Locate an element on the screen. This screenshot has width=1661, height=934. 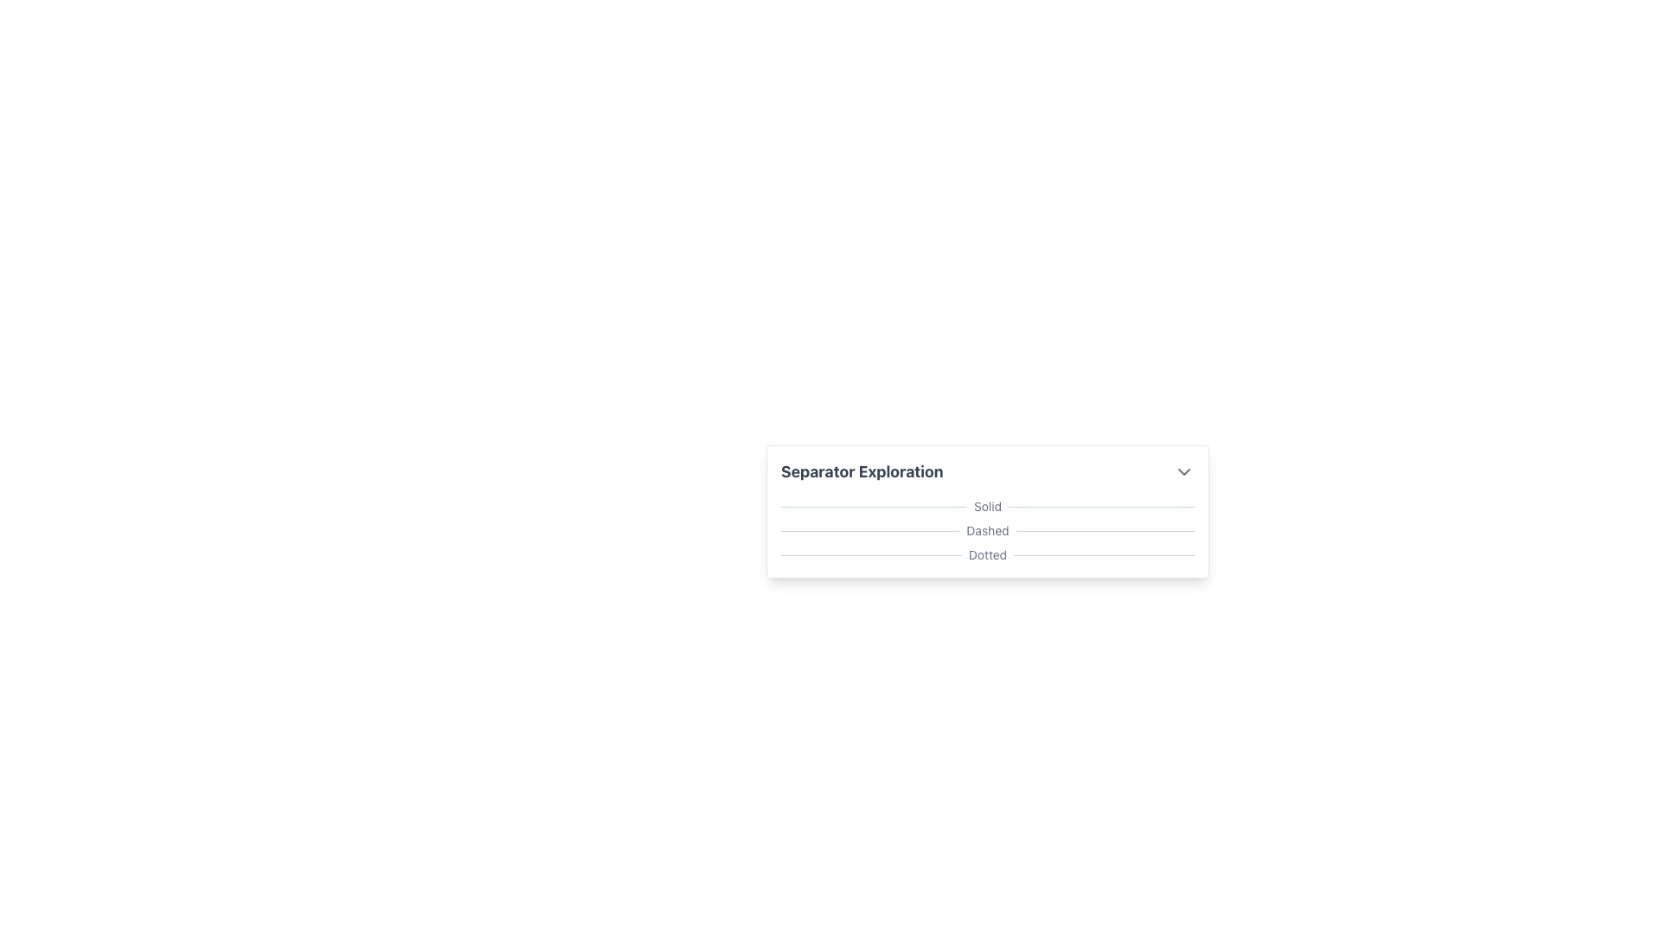
the bold text element reading 'Separator Exploration', which is positioned prominently on the left side of the interface, adjacent to a chevron-down icon is located at coordinates (862, 472).